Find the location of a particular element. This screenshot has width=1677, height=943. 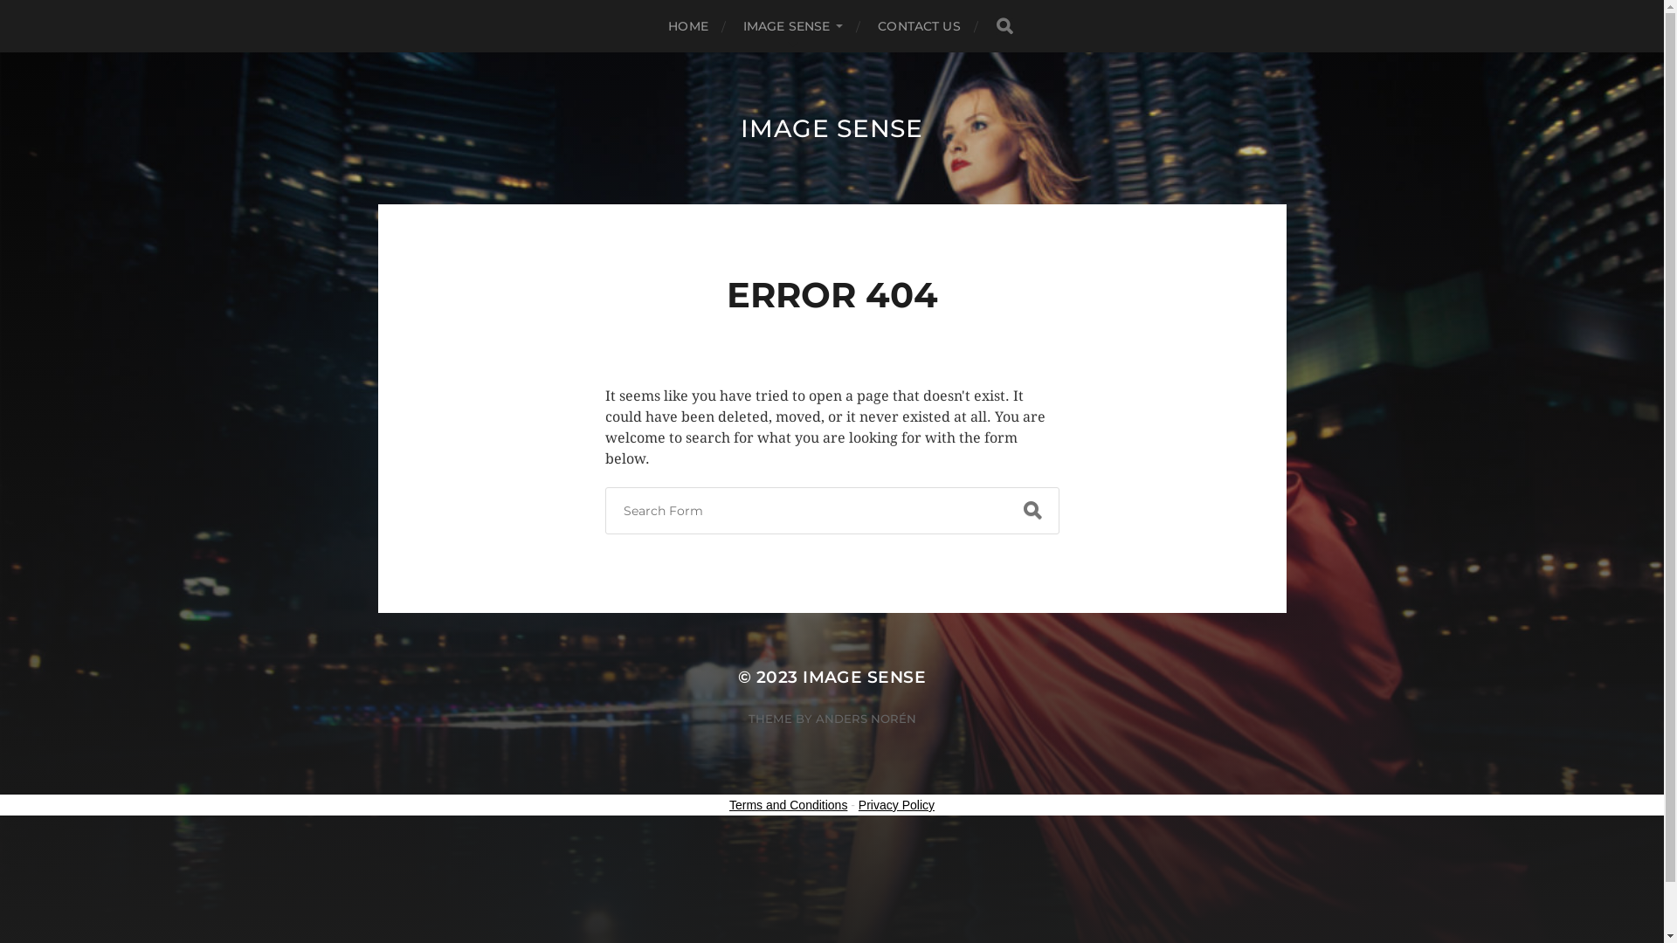

'CONTACT US' is located at coordinates (917, 26).